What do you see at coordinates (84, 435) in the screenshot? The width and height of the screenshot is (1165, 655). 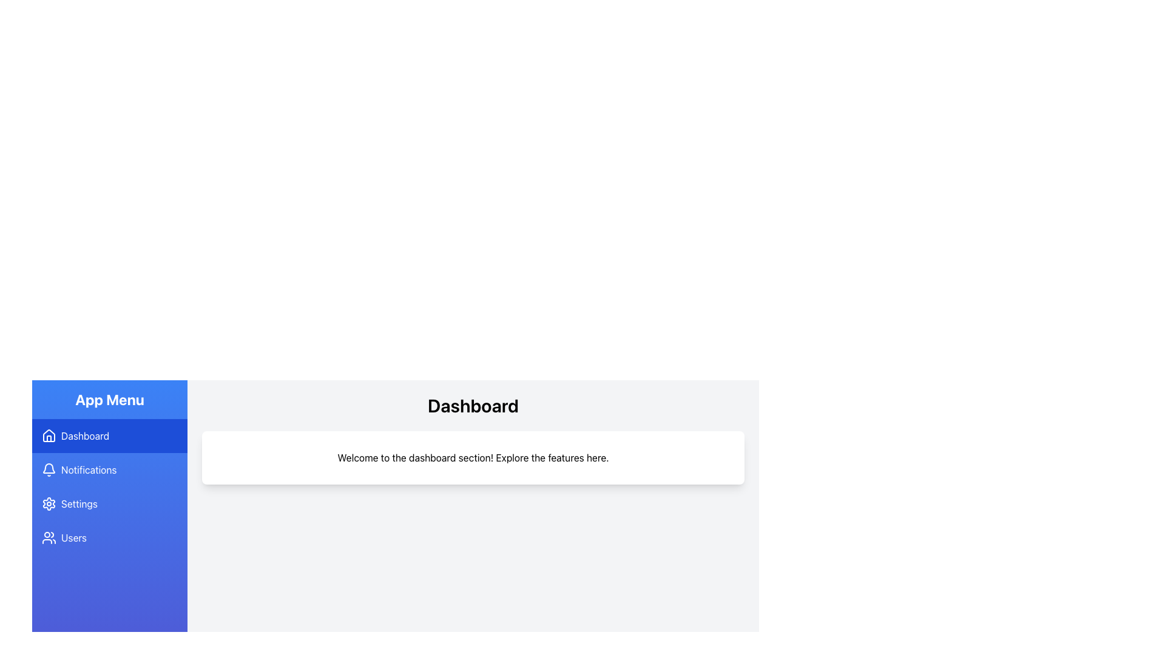 I see `the 'Dashboard' text label located in the vertical navigation panel on the left side of the interface, which is displayed in a white bold font on a dark blue background` at bounding box center [84, 435].